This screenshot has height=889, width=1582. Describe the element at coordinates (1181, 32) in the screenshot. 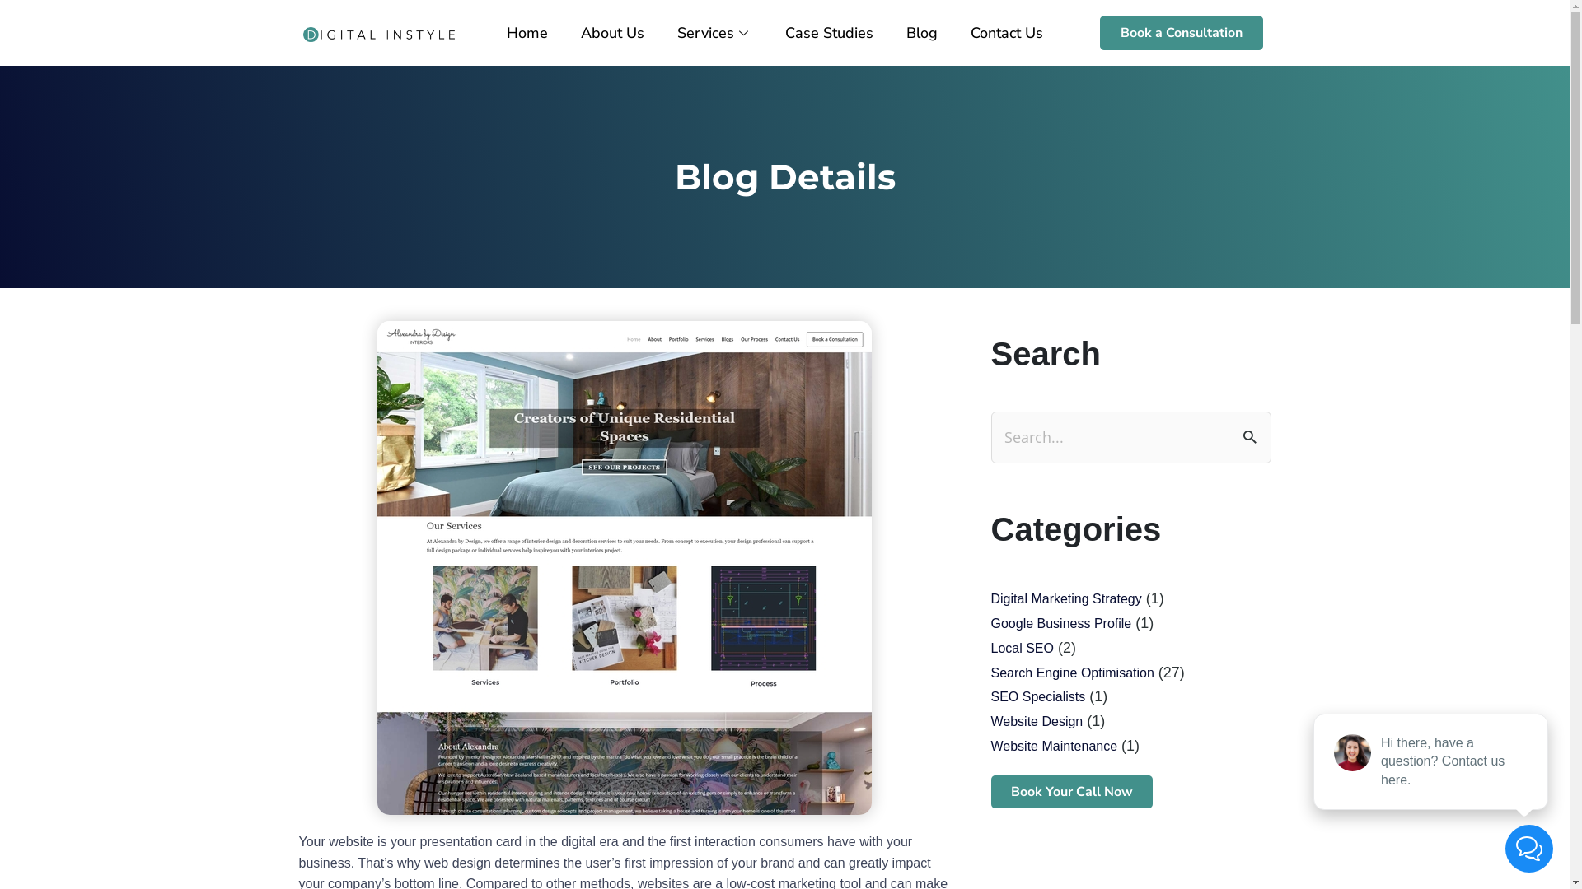

I see `'Book a Consultation'` at that location.